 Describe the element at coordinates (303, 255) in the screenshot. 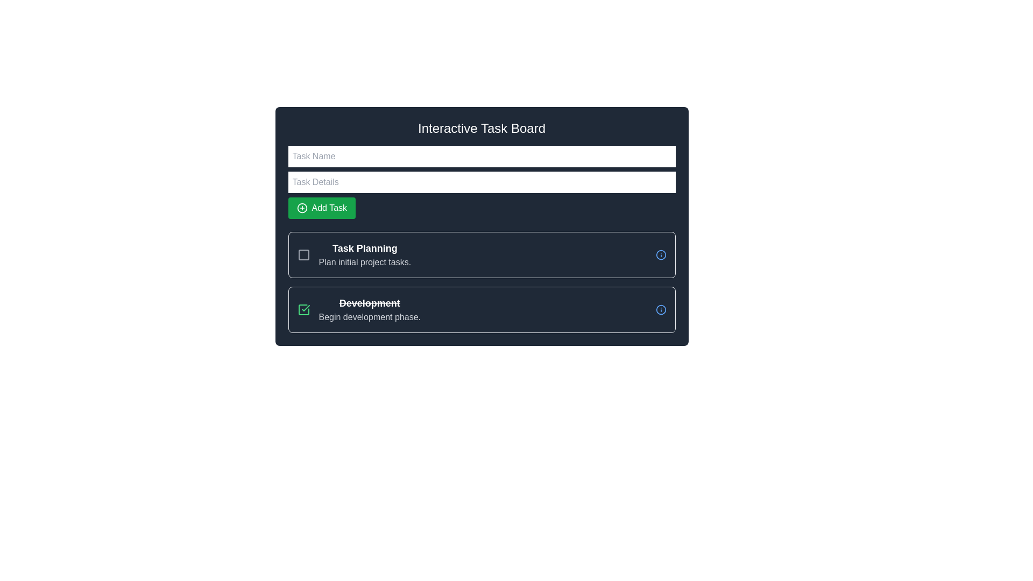

I see `the empty checkbox located on the far left of the 'Task Planning' entry` at that location.